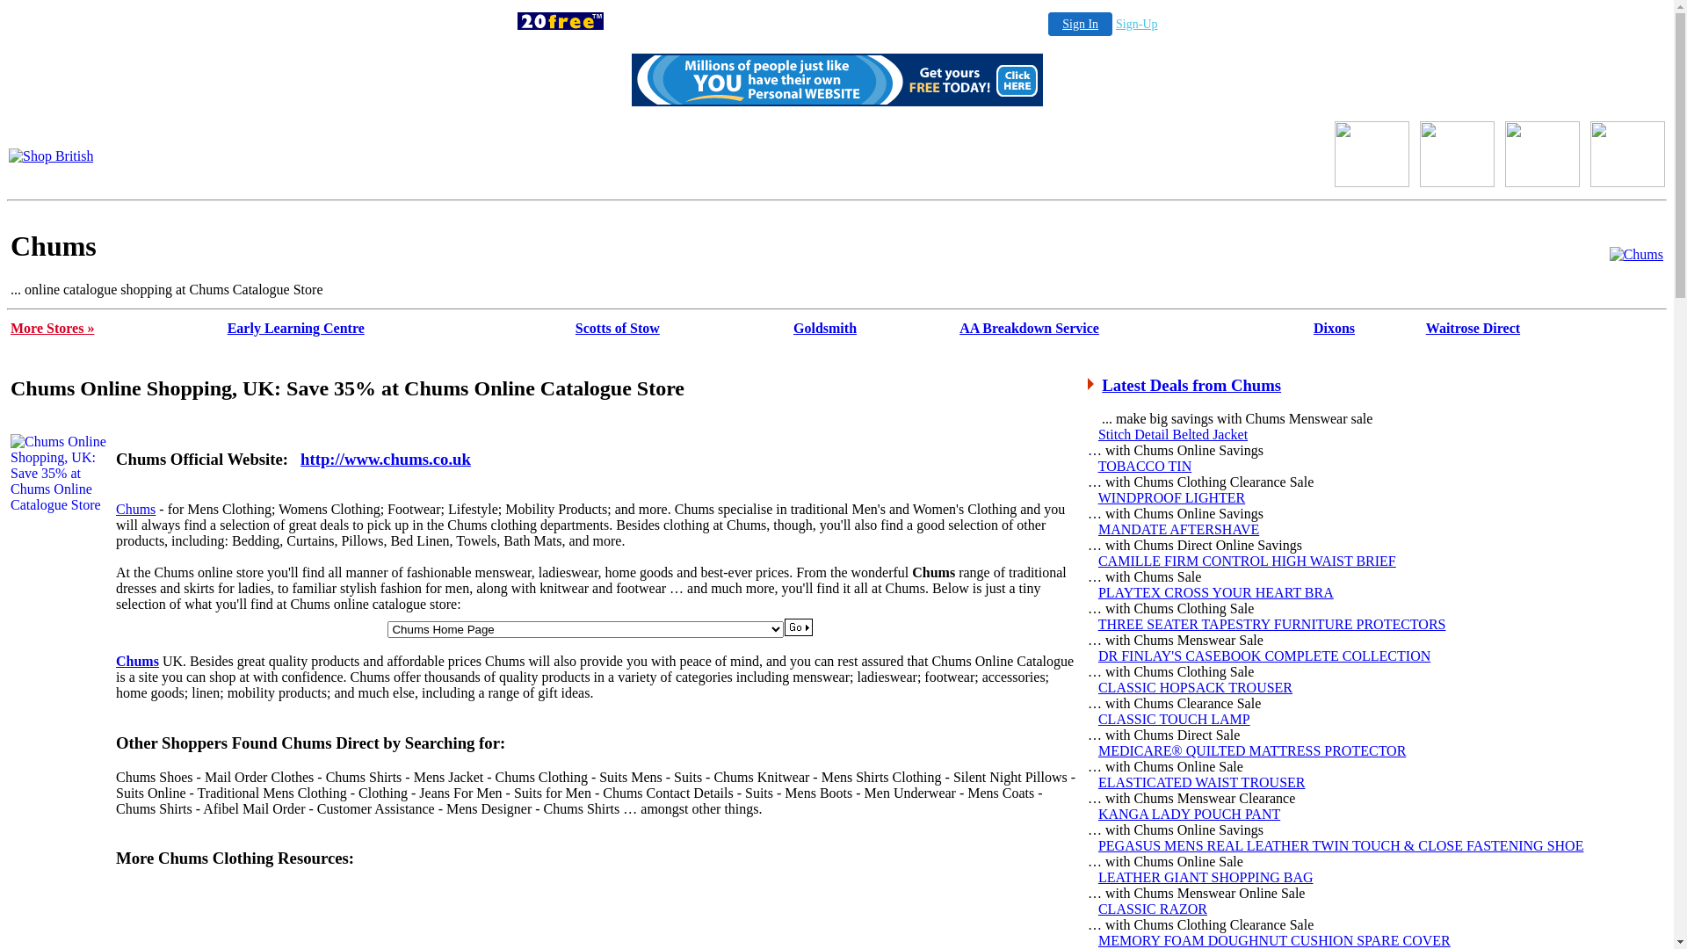 Image resolution: width=1687 pixels, height=949 pixels. I want to click on 'Waitrose Direct', so click(1425, 328).